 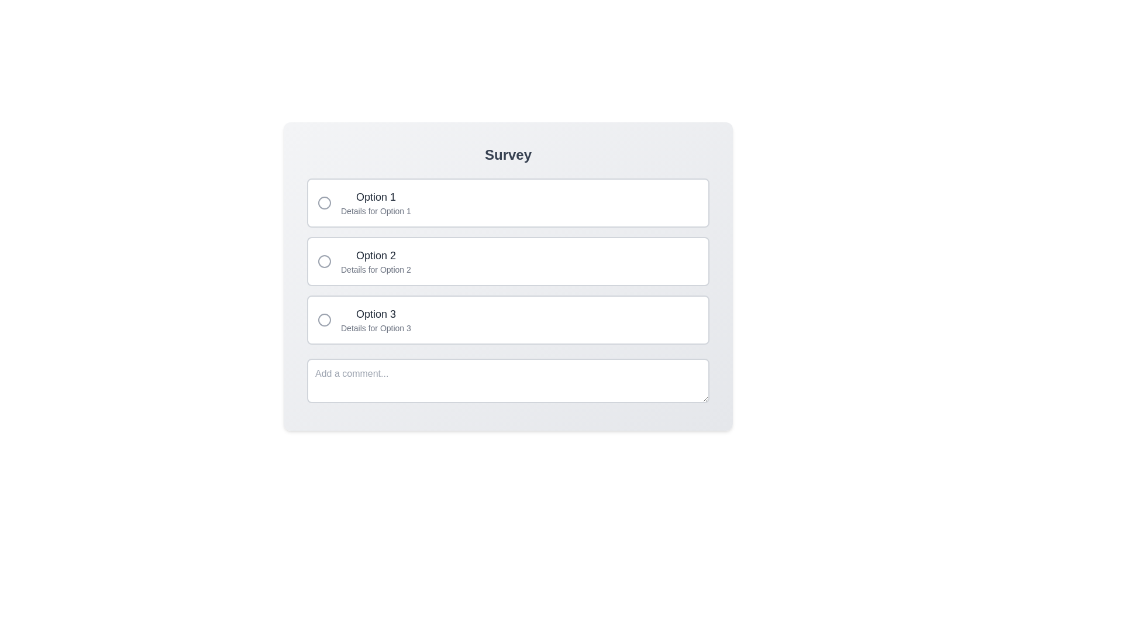 What do you see at coordinates (508, 261) in the screenshot?
I see `the radio button option for 'Option 2' in the survey` at bounding box center [508, 261].